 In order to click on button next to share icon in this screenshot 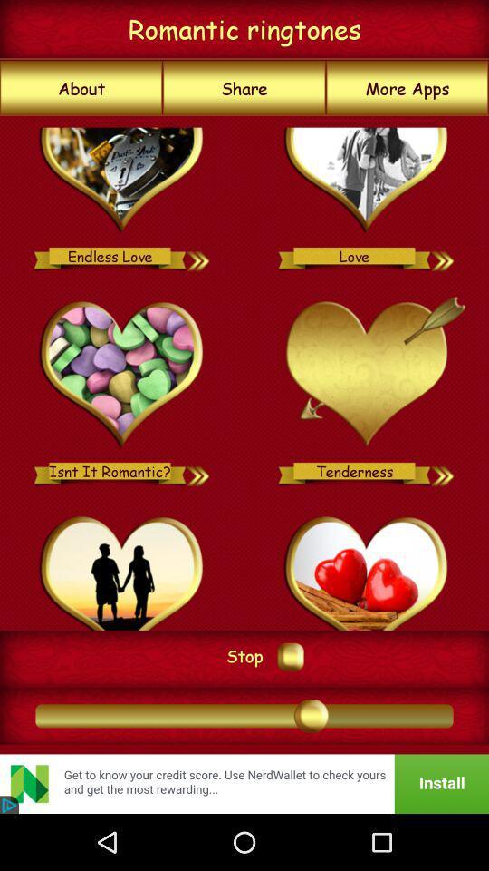, I will do `click(81, 88)`.